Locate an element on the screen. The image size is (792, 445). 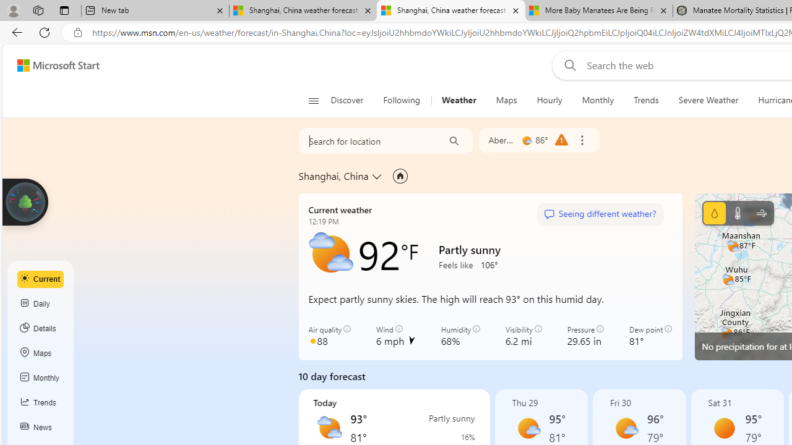
'Air quality 88' is located at coordinates (330, 336).